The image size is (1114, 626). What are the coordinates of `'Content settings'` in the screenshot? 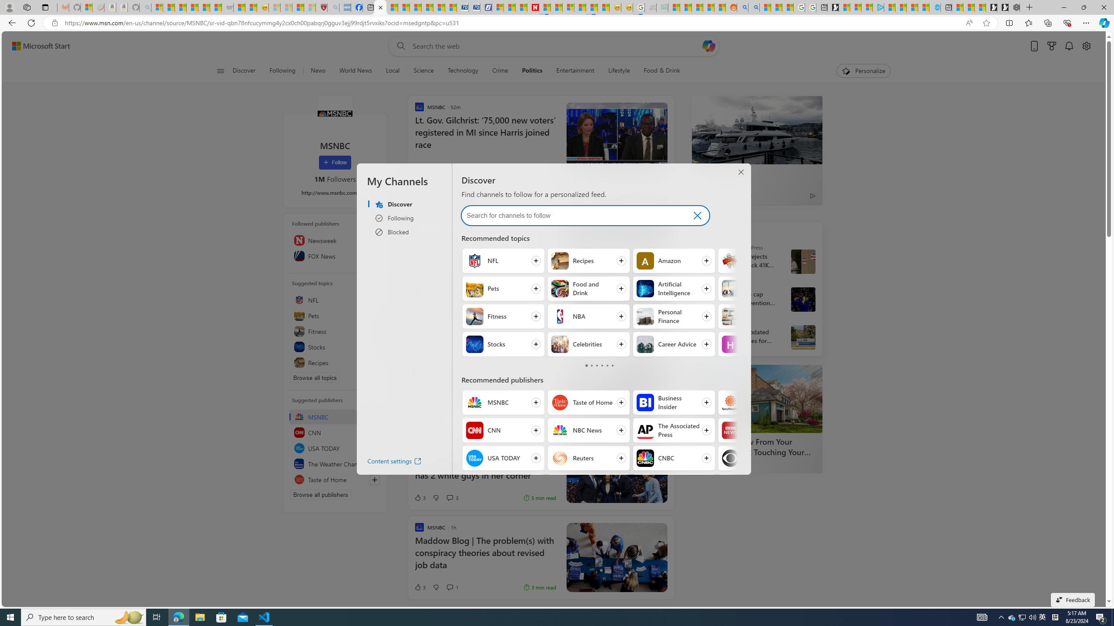 It's located at (386, 463).